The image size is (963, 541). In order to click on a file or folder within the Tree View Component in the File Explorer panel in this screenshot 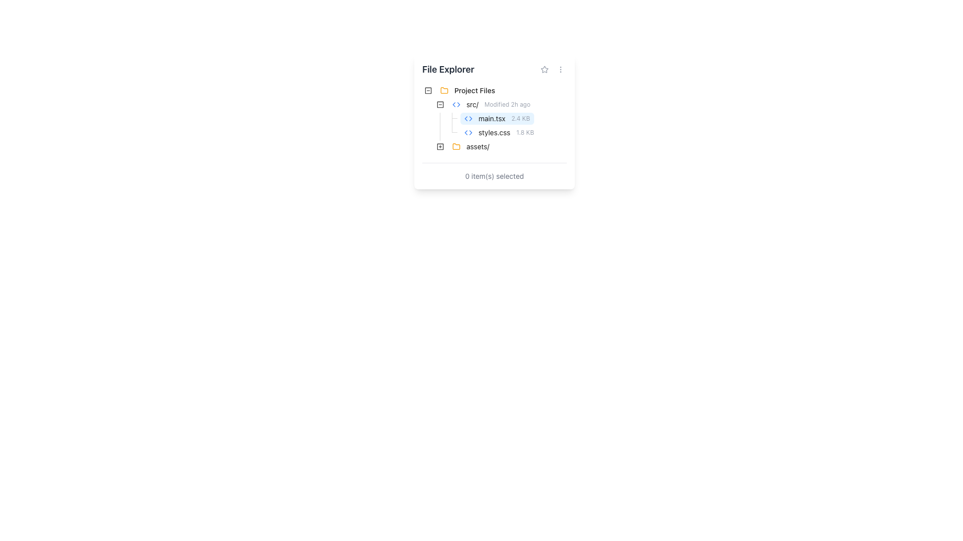, I will do `click(494, 119)`.